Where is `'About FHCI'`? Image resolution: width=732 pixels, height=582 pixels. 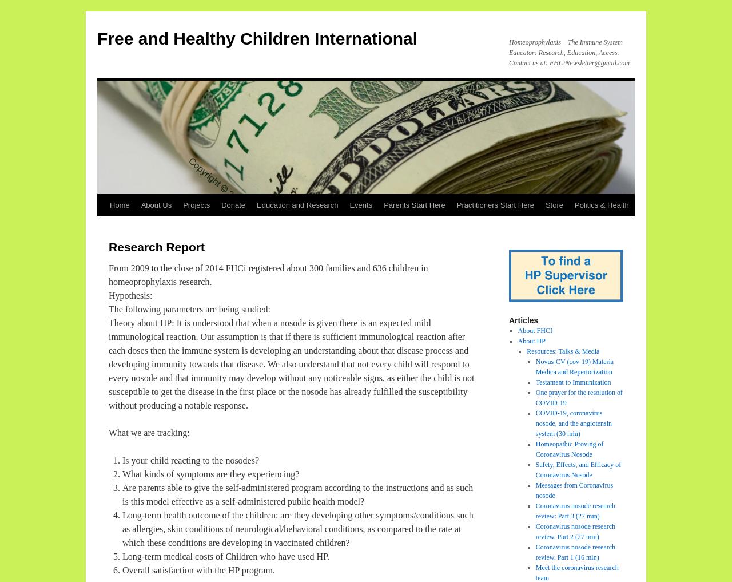 'About FHCI' is located at coordinates (534, 330).